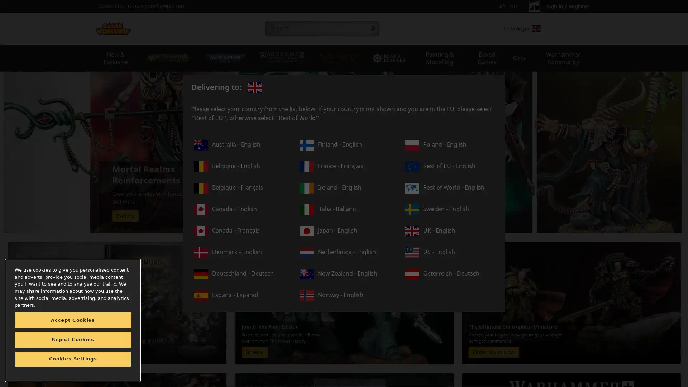  I want to click on Cookies Settings, so click(73, 359).